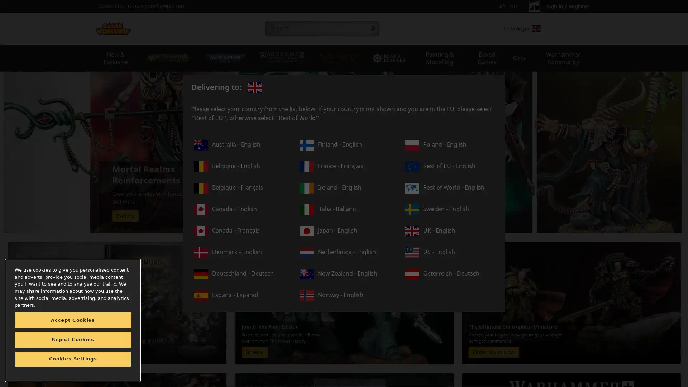  I want to click on Cookies Settings, so click(73, 359).